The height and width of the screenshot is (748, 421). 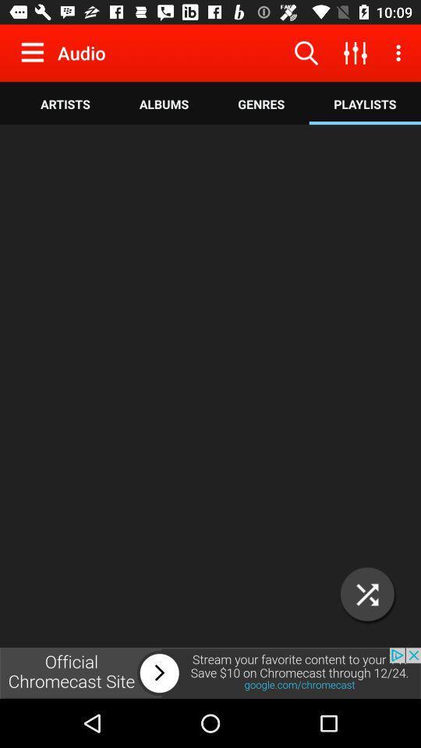 I want to click on diskgrasan, so click(x=210, y=386).